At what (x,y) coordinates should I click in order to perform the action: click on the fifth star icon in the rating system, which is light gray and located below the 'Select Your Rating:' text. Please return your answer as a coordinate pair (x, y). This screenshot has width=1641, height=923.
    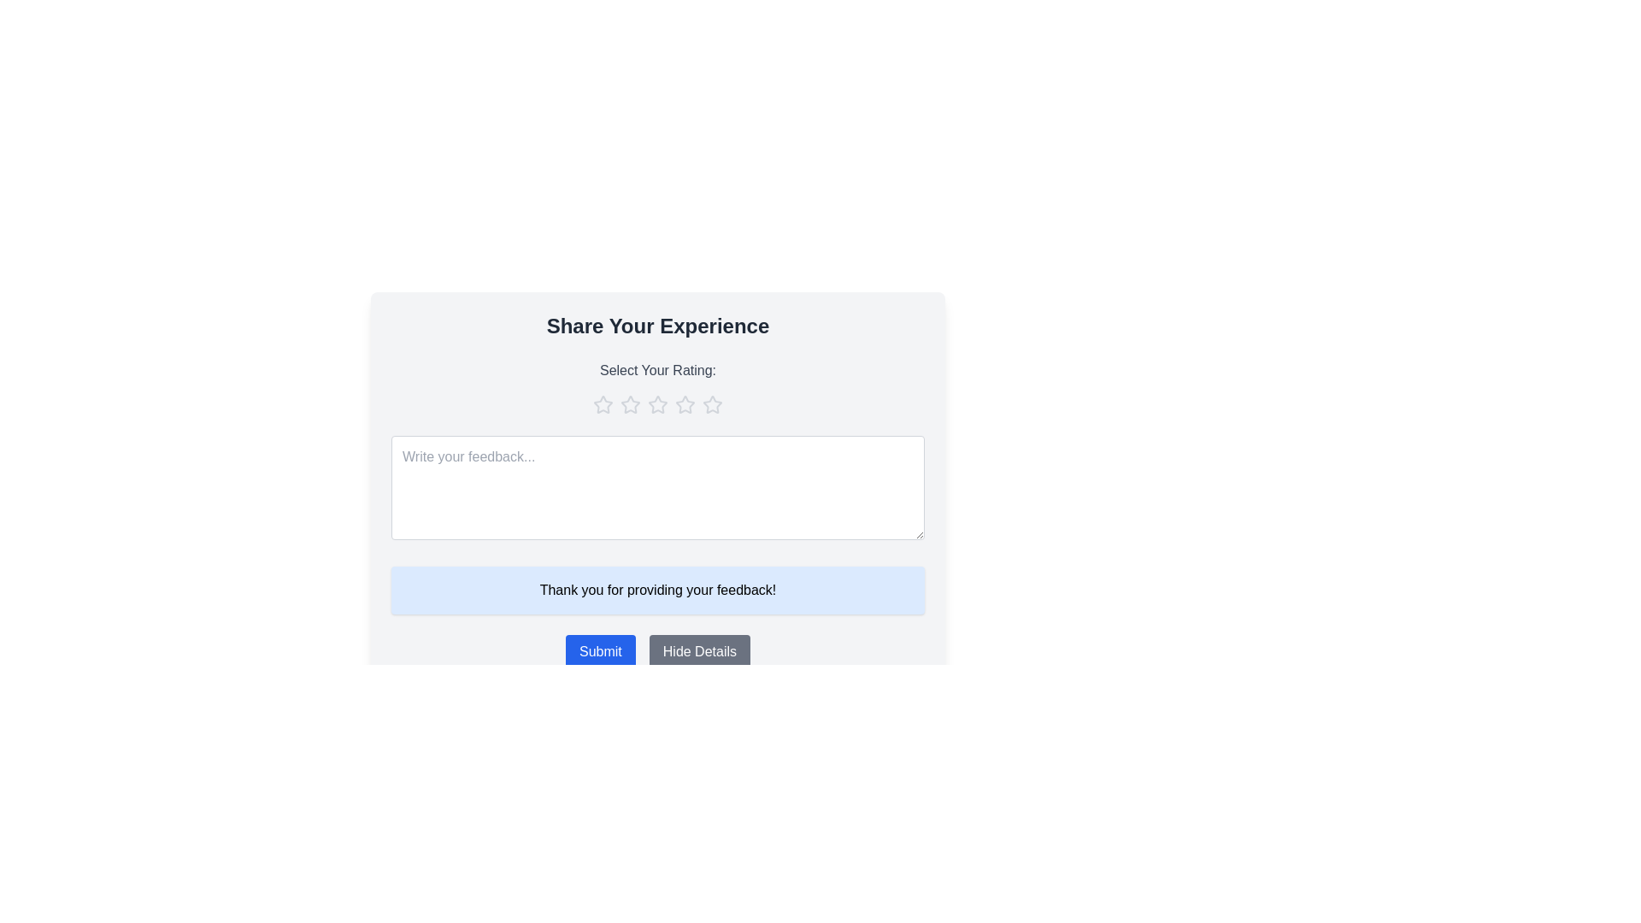
    Looking at the image, I should click on (713, 405).